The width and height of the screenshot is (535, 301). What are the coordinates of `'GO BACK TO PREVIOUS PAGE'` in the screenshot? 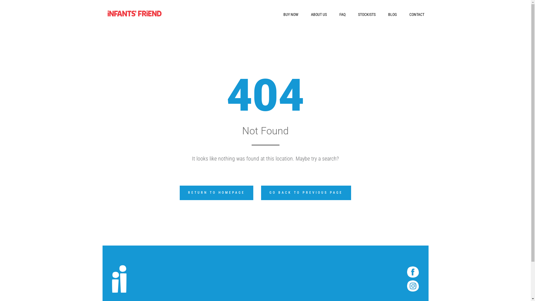 It's located at (306, 192).